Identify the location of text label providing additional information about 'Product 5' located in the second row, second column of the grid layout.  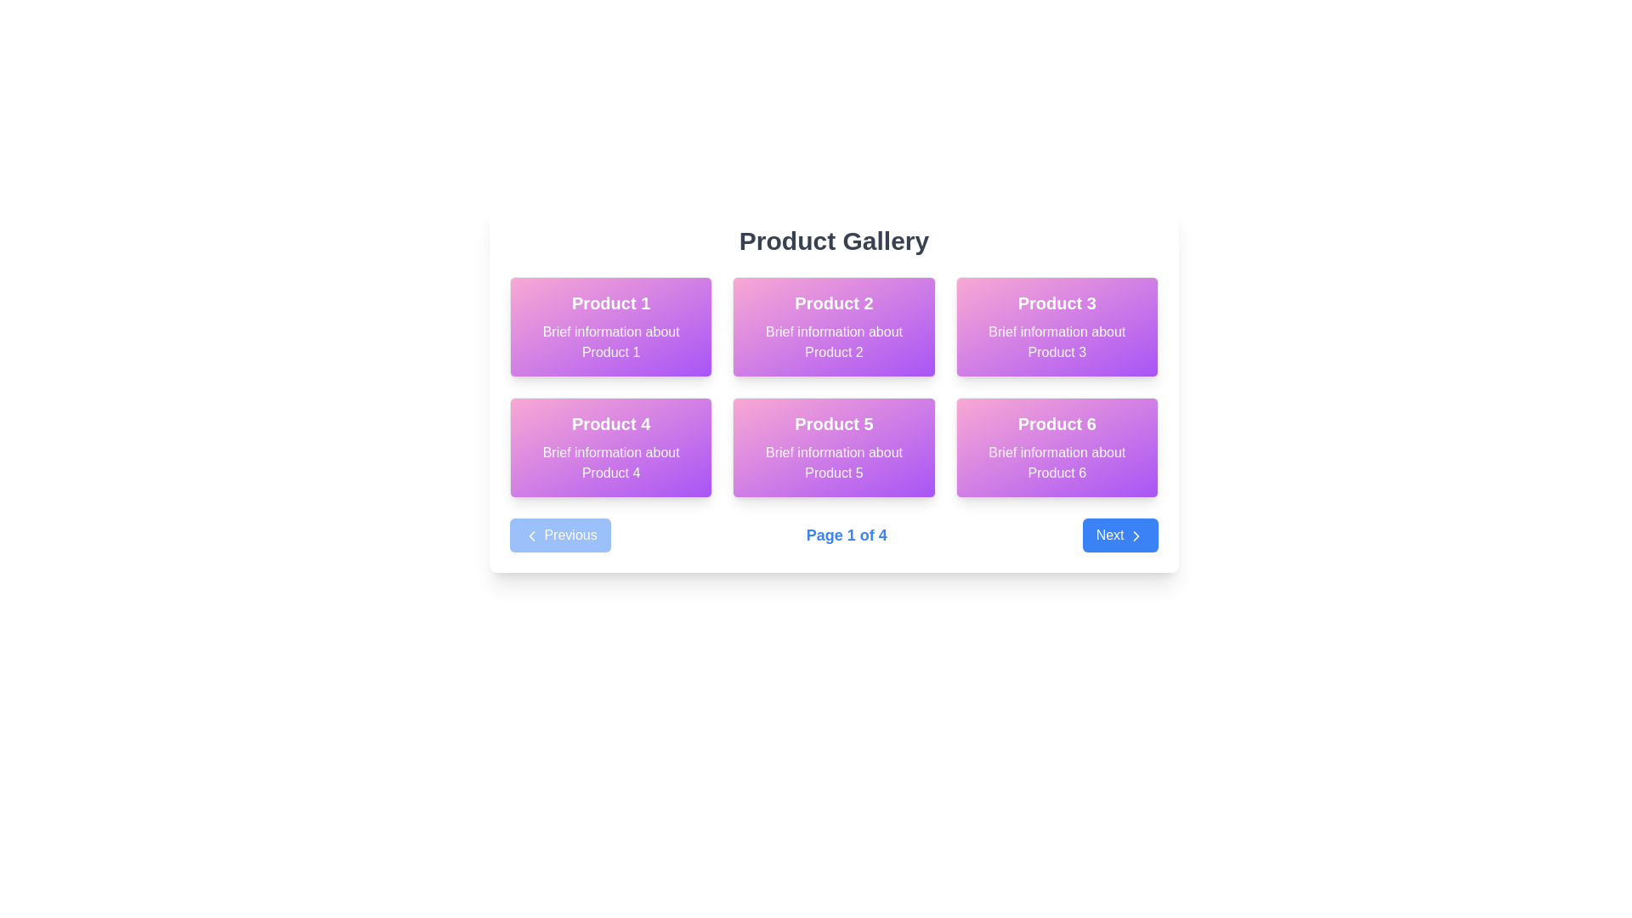
(834, 462).